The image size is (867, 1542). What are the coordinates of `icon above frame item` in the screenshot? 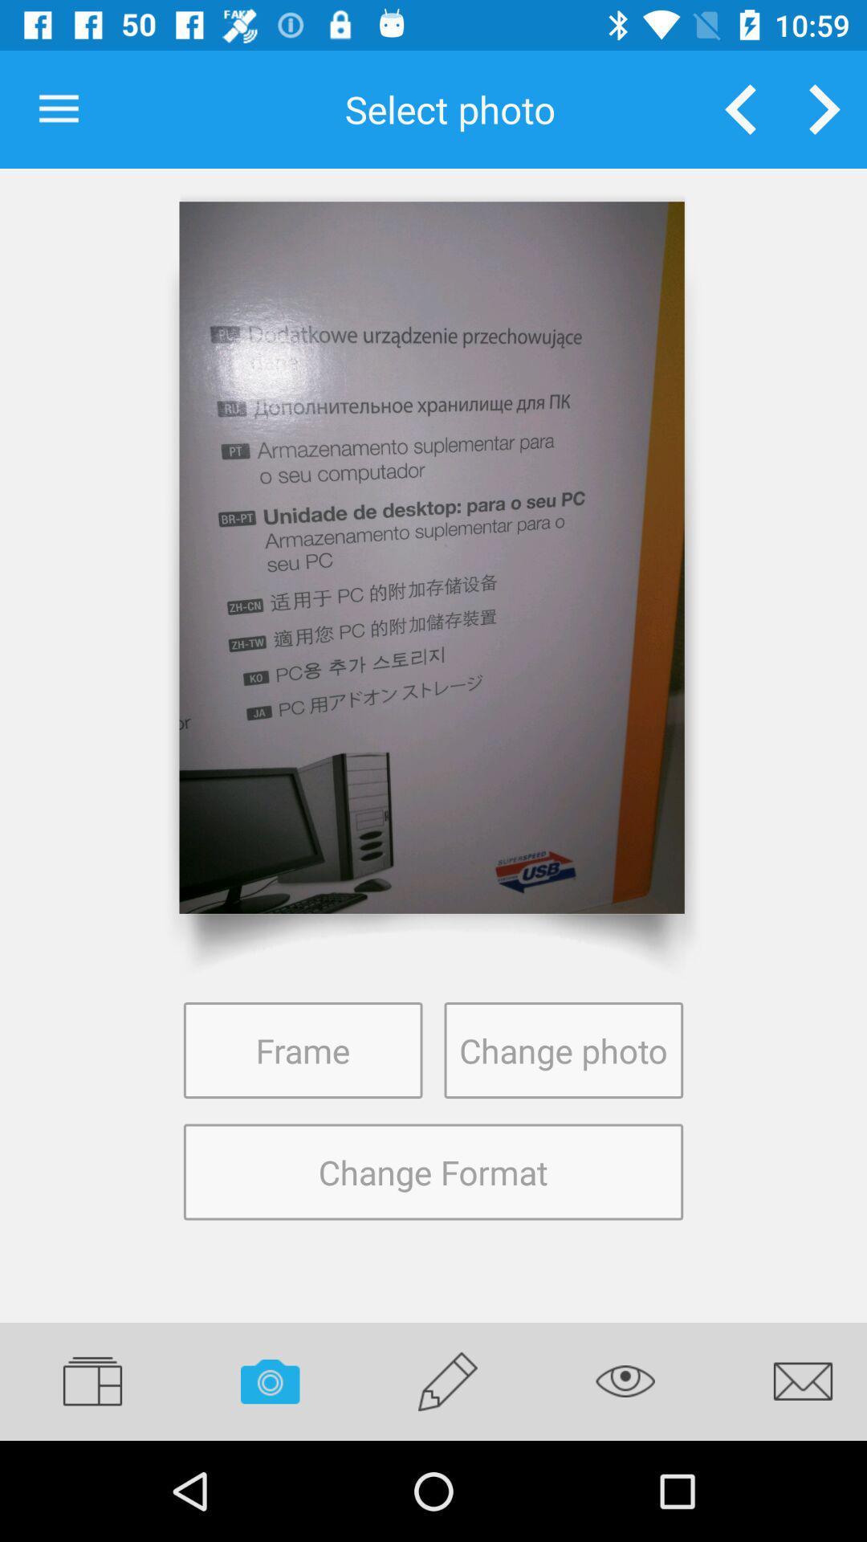 It's located at (431, 557).